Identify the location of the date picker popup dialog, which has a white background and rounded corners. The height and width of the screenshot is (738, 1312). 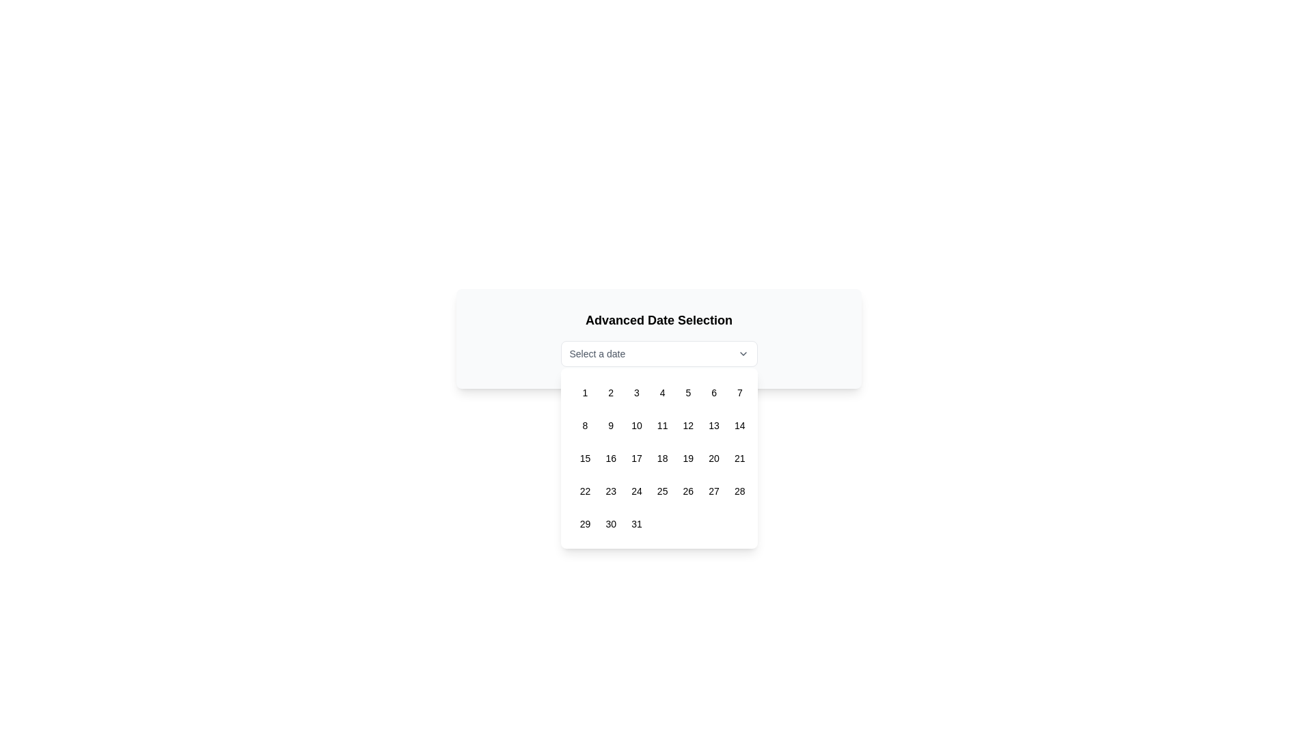
(659, 448).